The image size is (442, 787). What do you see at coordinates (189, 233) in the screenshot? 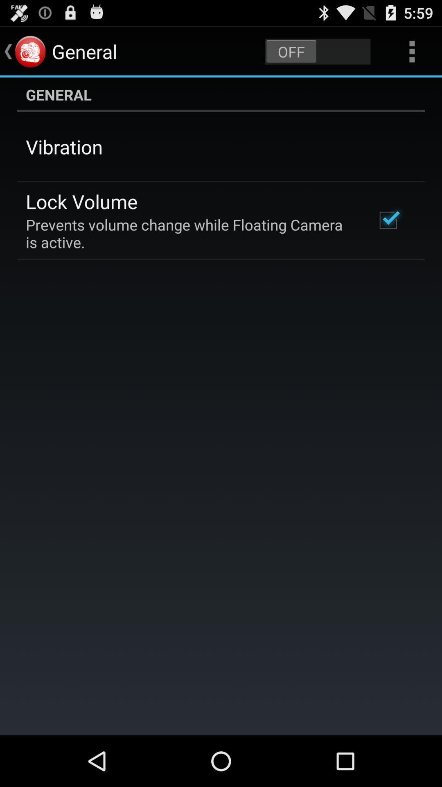
I see `item below the lock volume app` at bounding box center [189, 233].